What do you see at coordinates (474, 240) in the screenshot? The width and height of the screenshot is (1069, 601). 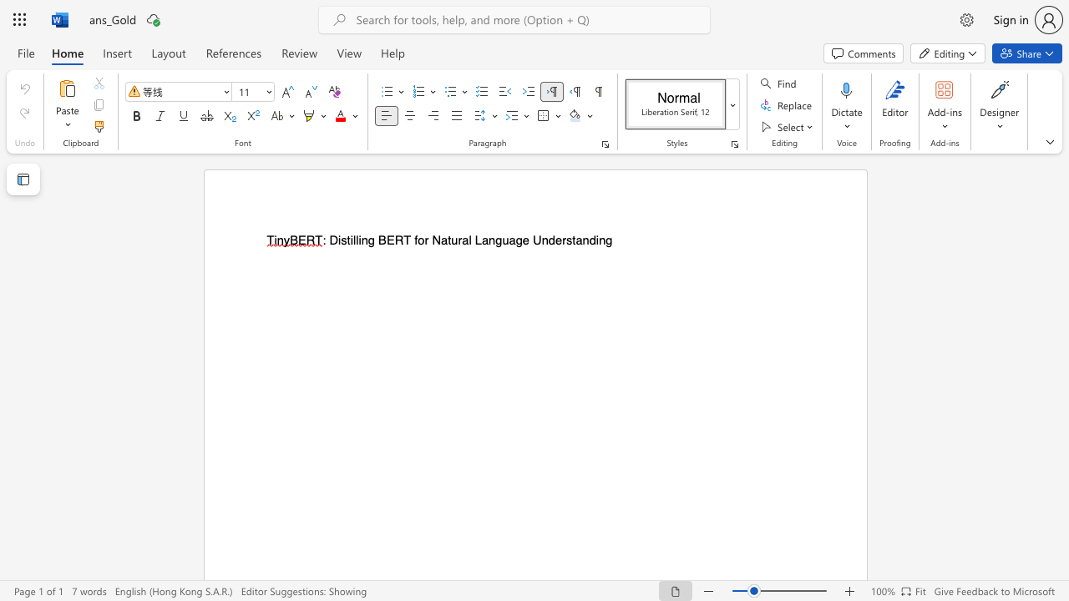 I see `the subset text "Language Un" within the text ": Distilling BERT for Natural Language Understanding"` at bounding box center [474, 240].